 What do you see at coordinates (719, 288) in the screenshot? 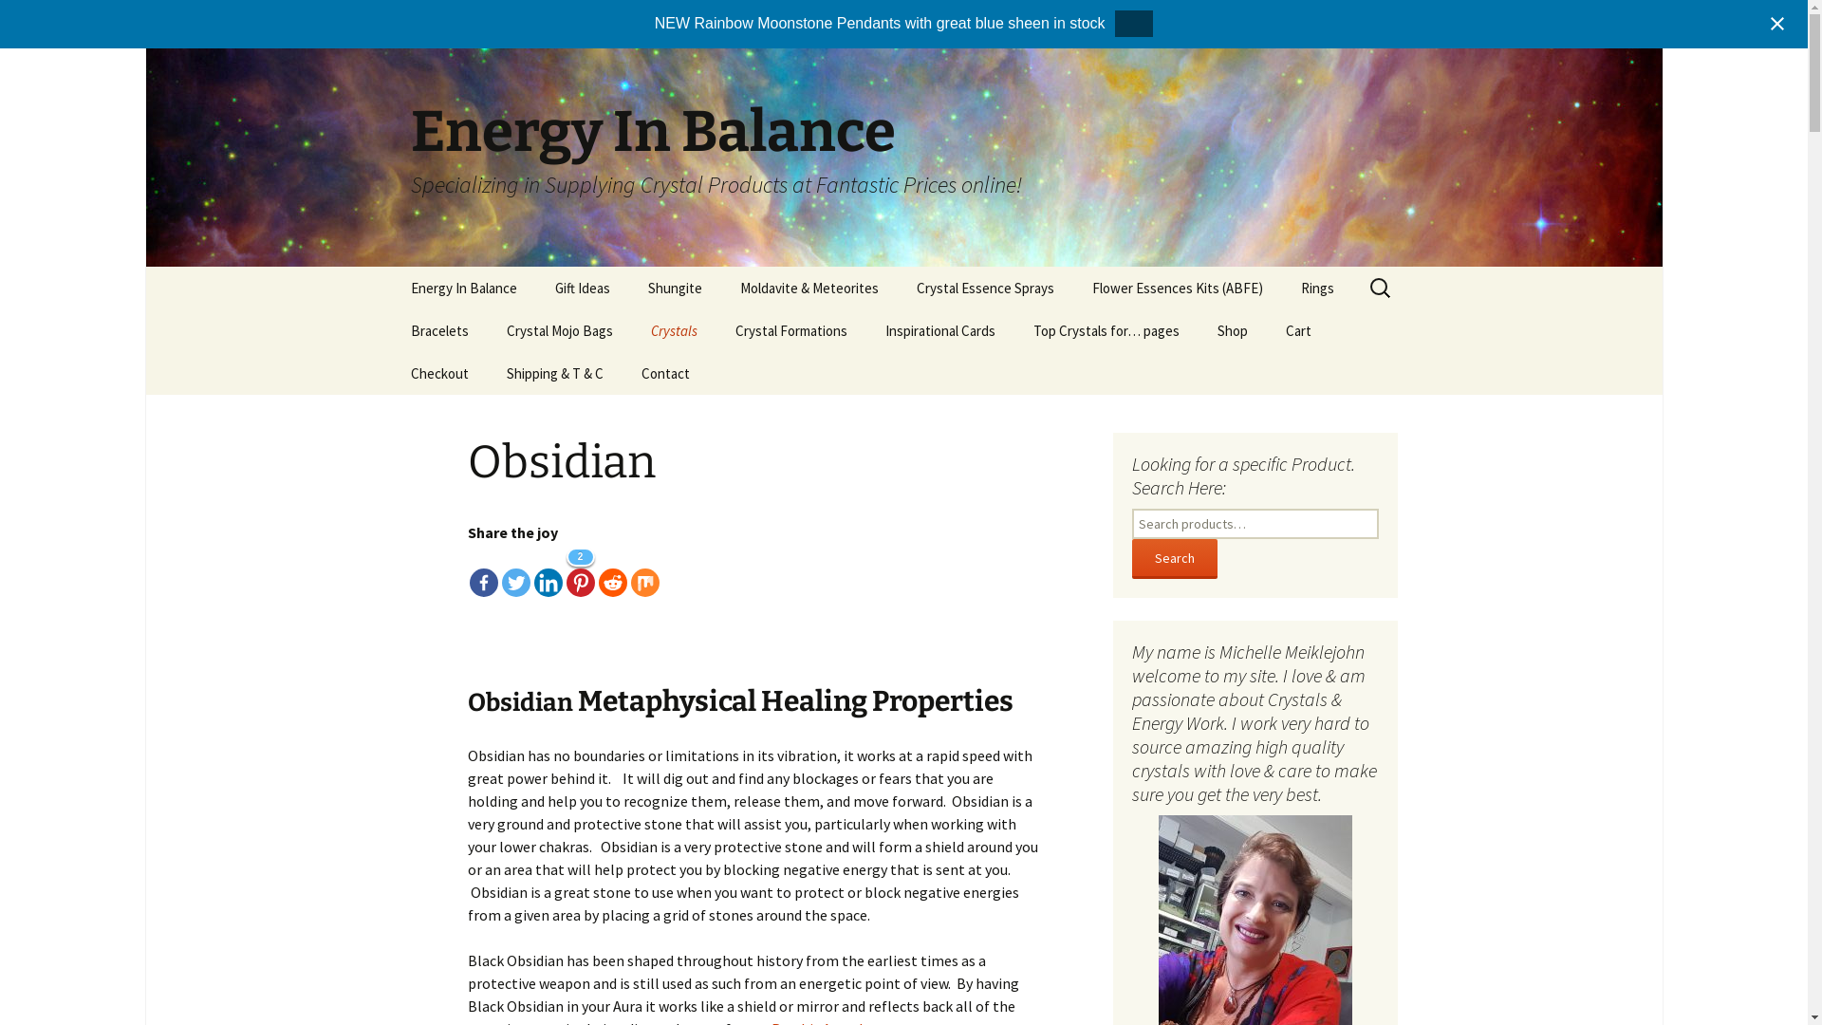
I see `'Moldavite & Meteorites'` at bounding box center [719, 288].